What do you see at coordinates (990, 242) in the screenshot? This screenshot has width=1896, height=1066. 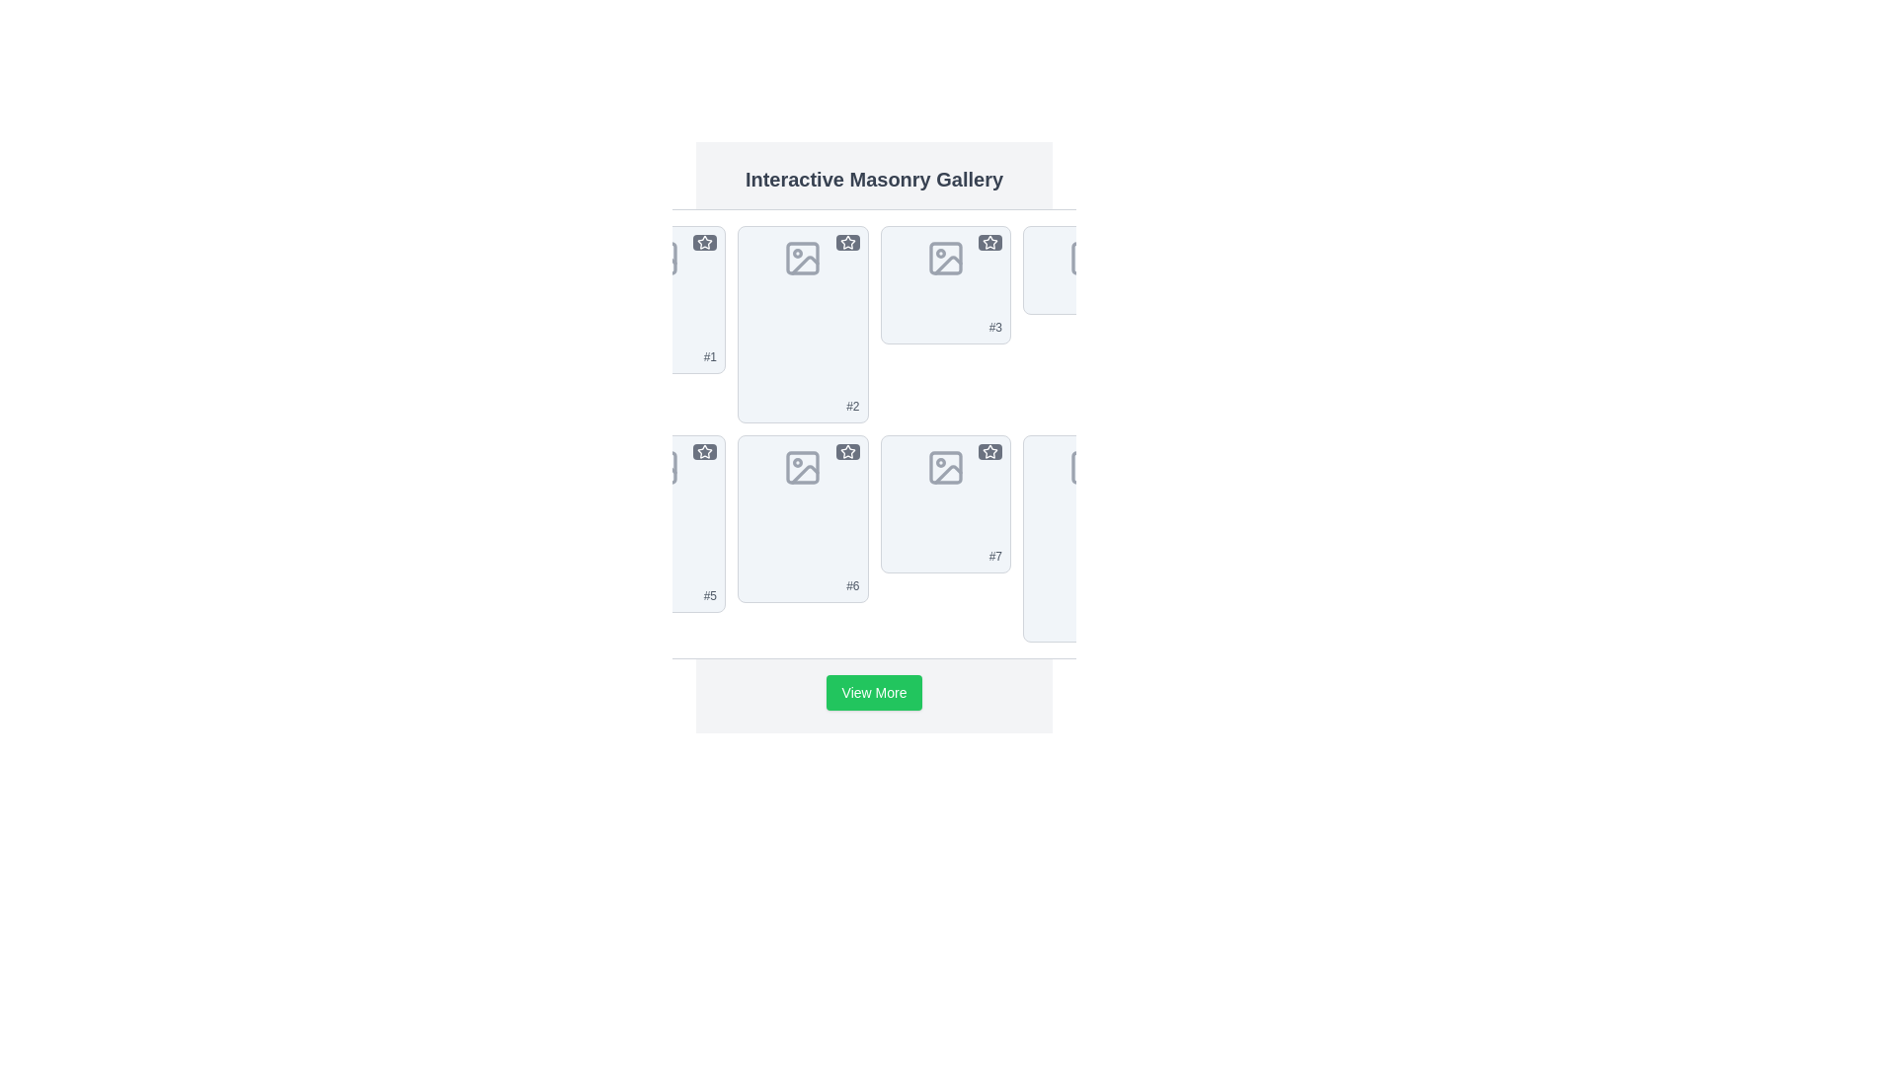 I see `the star icon located at the top-right corner of card '#3' in the Interactive Masonry Gallery` at bounding box center [990, 242].